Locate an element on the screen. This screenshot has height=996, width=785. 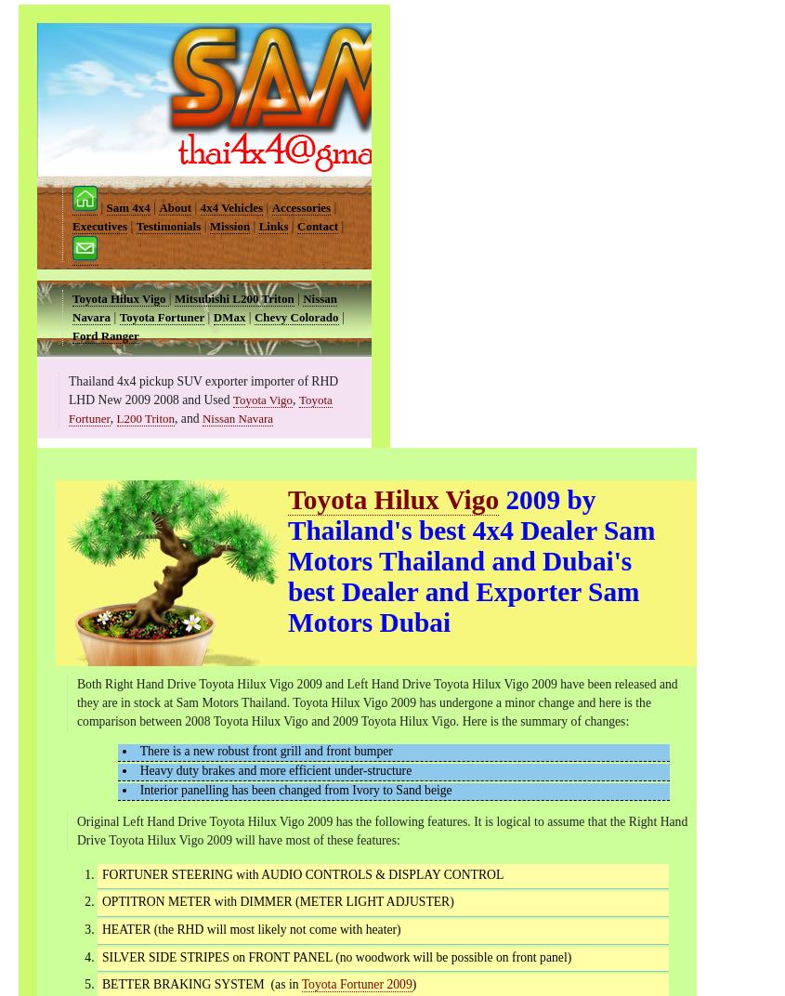
'Thailand 4x4 pickup SUV exporter importer of RHD LHD New 2009 
				2008 and Used' is located at coordinates (68, 389).